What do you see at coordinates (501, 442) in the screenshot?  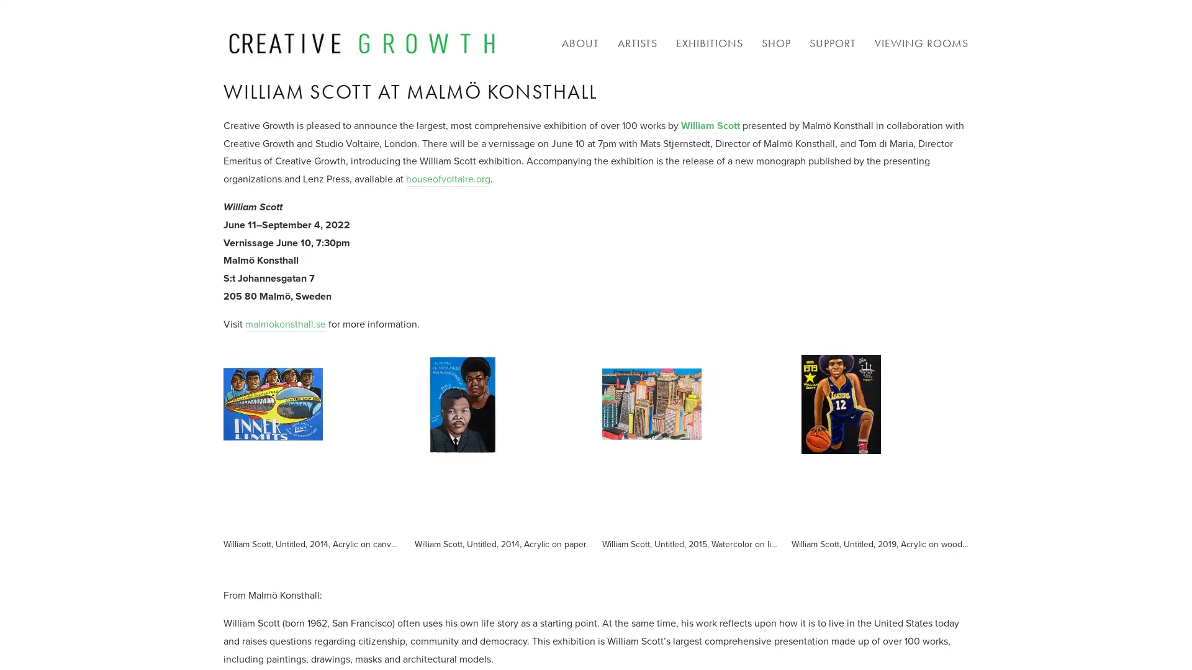 I see `View fullsize William Scott, Untitled, 2014, Acrylic on paper.` at bounding box center [501, 442].